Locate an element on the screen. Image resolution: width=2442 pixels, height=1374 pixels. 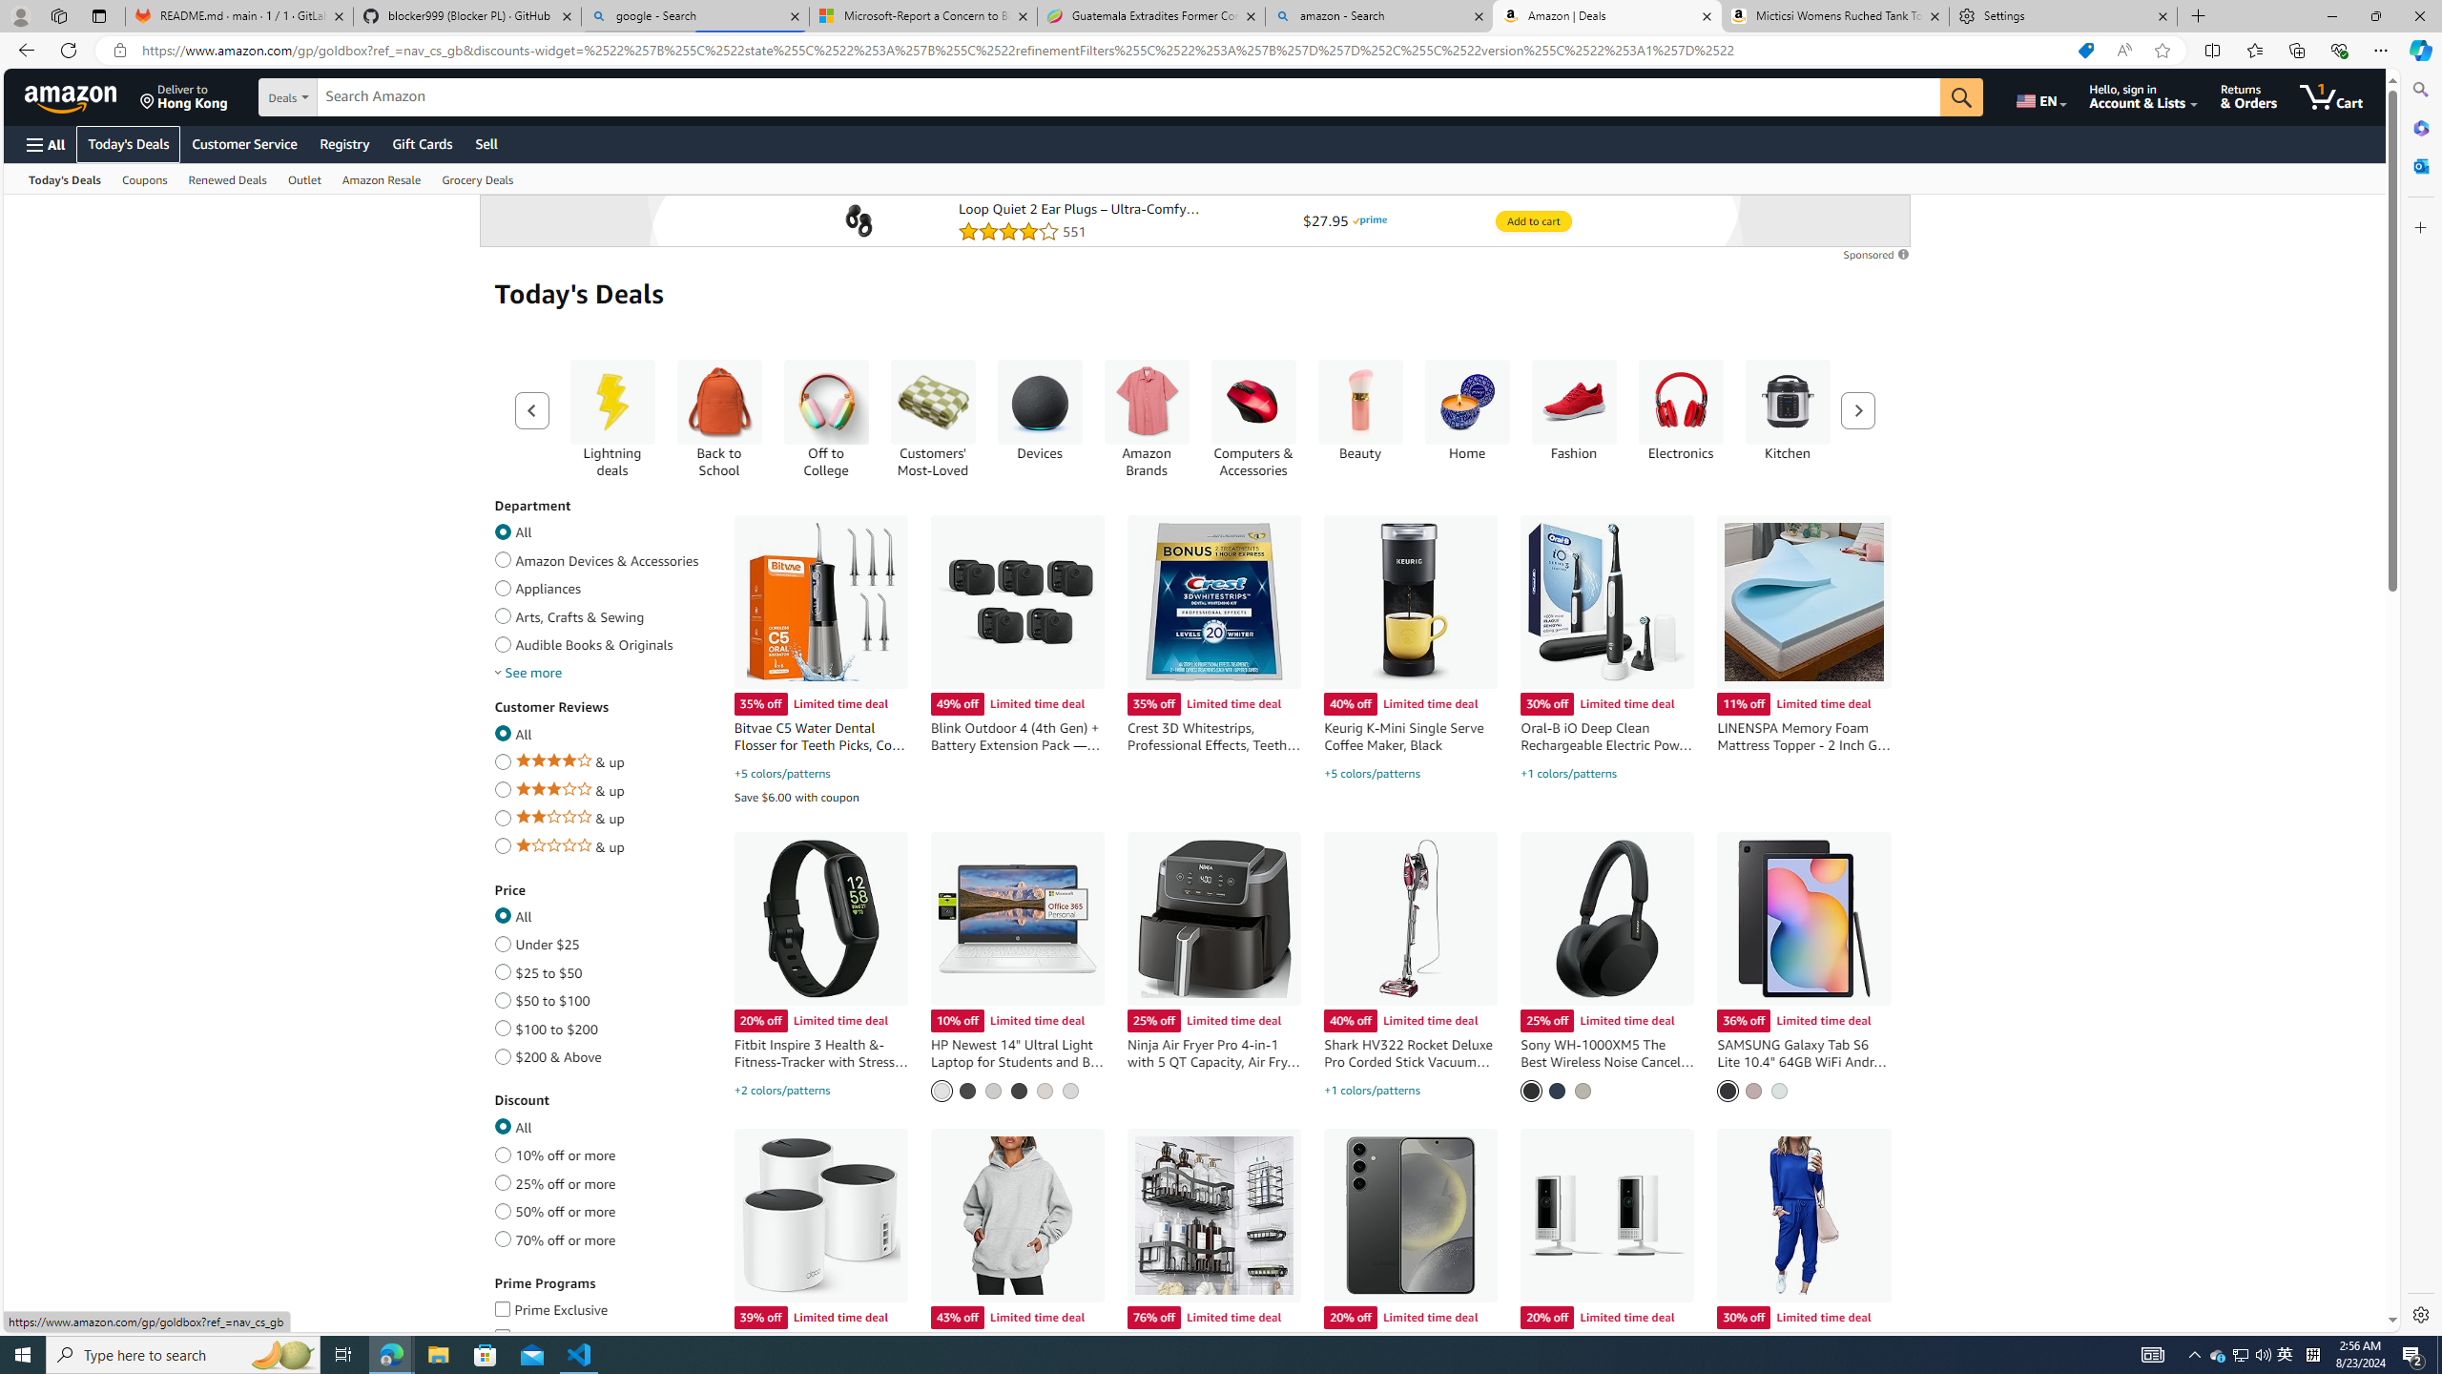
'Beauty' is located at coordinates (1358, 402).